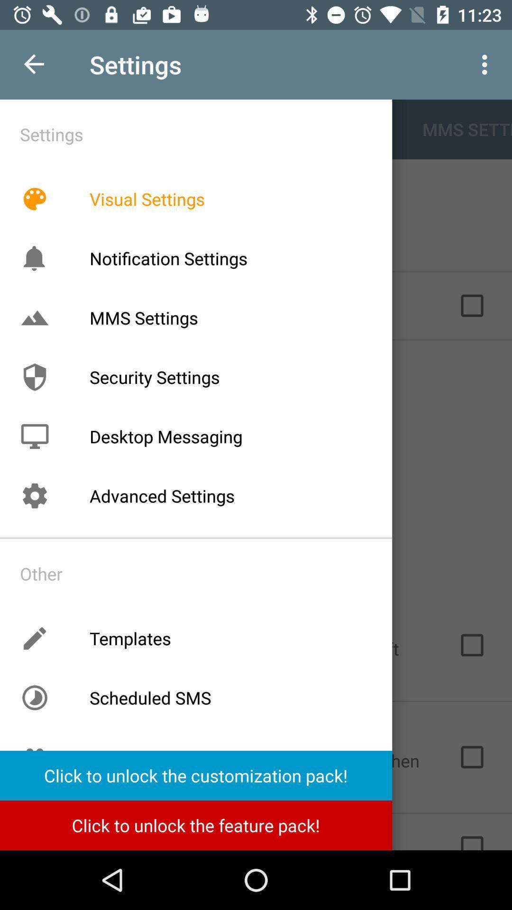 Image resolution: width=512 pixels, height=910 pixels. I want to click on the 3 vertical dots at the top right corner of the page, so click(487, 64).